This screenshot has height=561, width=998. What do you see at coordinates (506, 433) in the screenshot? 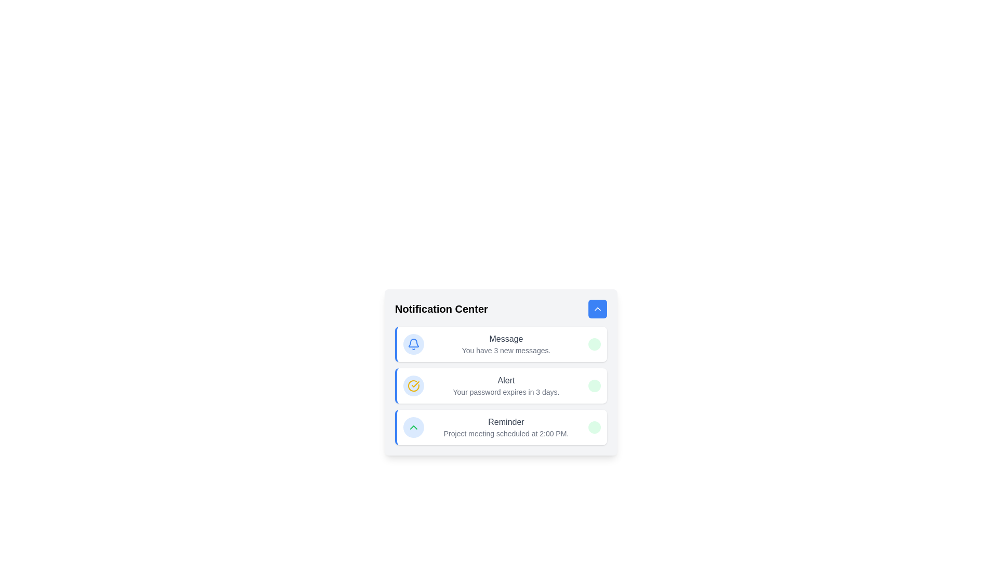
I see `the static text element that provides a reminder for an upcoming project meeting, located under the 'Reminder' title in the 'Notification Center'` at bounding box center [506, 433].